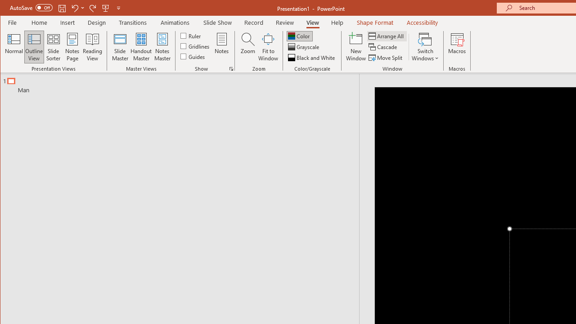 The width and height of the screenshot is (576, 324). Describe the element at coordinates (72, 47) in the screenshot. I see `'Notes Page'` at that location.